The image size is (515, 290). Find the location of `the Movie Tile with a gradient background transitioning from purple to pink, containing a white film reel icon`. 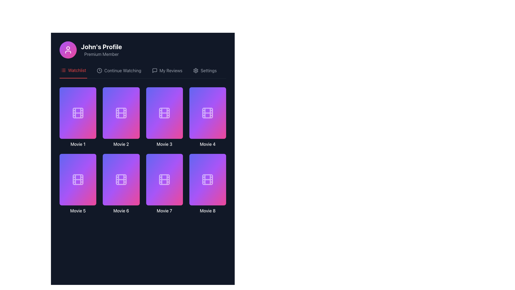

the Movie Tile with a gradient background transitioning from purple to pink, containing a white film reel icon is located at coordinates (78, 117).